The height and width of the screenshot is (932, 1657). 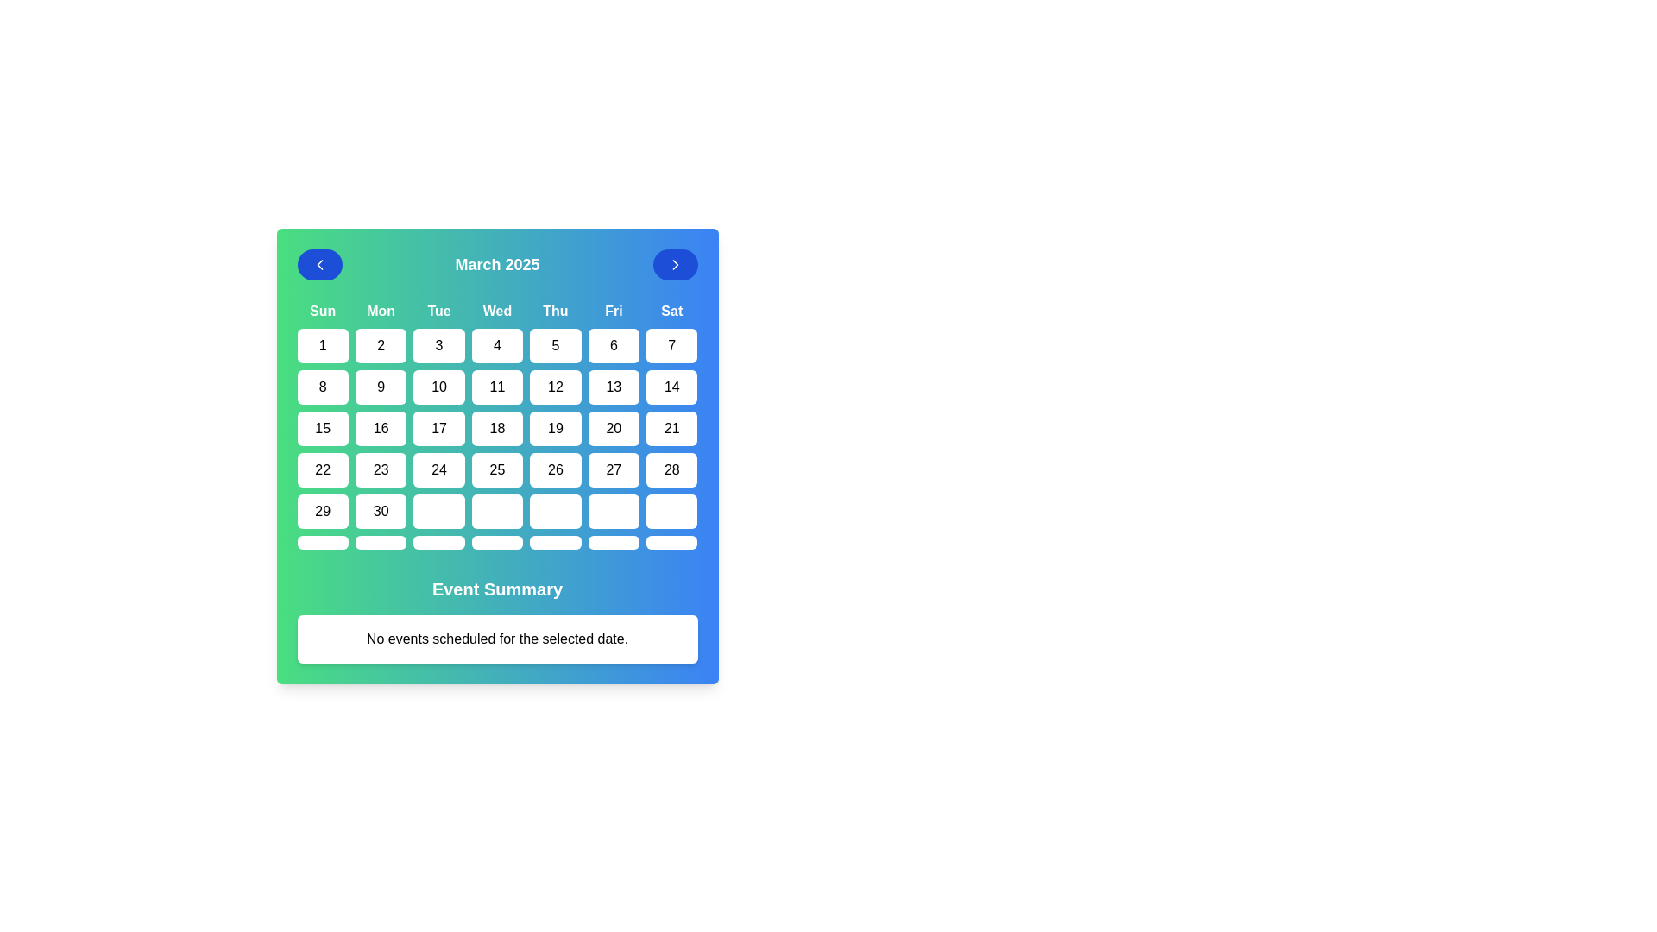 What do you see at coordinates (614, 312) in the screenshot?
I see `the text label displaying 'Fri' in bold font located in the header row of the calendar interface` at bounding box center [614, 312].